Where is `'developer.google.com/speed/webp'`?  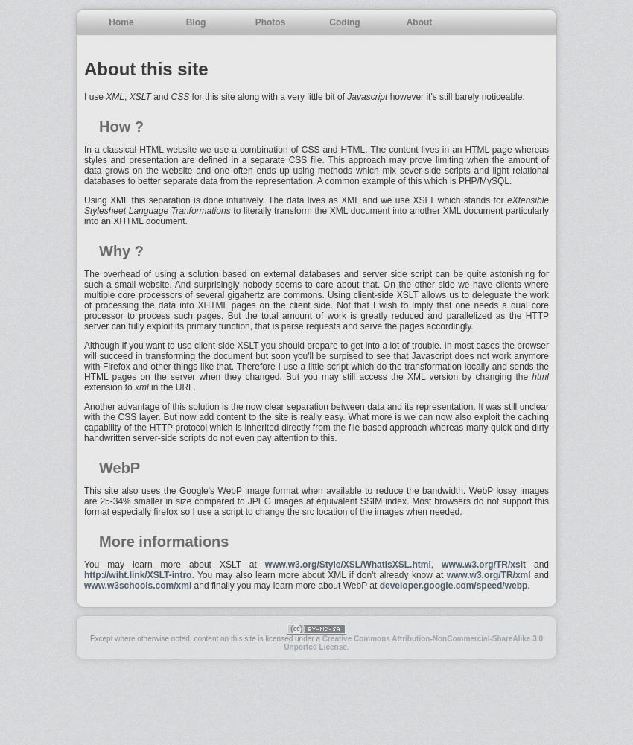
'developer.google.com/speed/webp' is located at coordinates (452, 586).